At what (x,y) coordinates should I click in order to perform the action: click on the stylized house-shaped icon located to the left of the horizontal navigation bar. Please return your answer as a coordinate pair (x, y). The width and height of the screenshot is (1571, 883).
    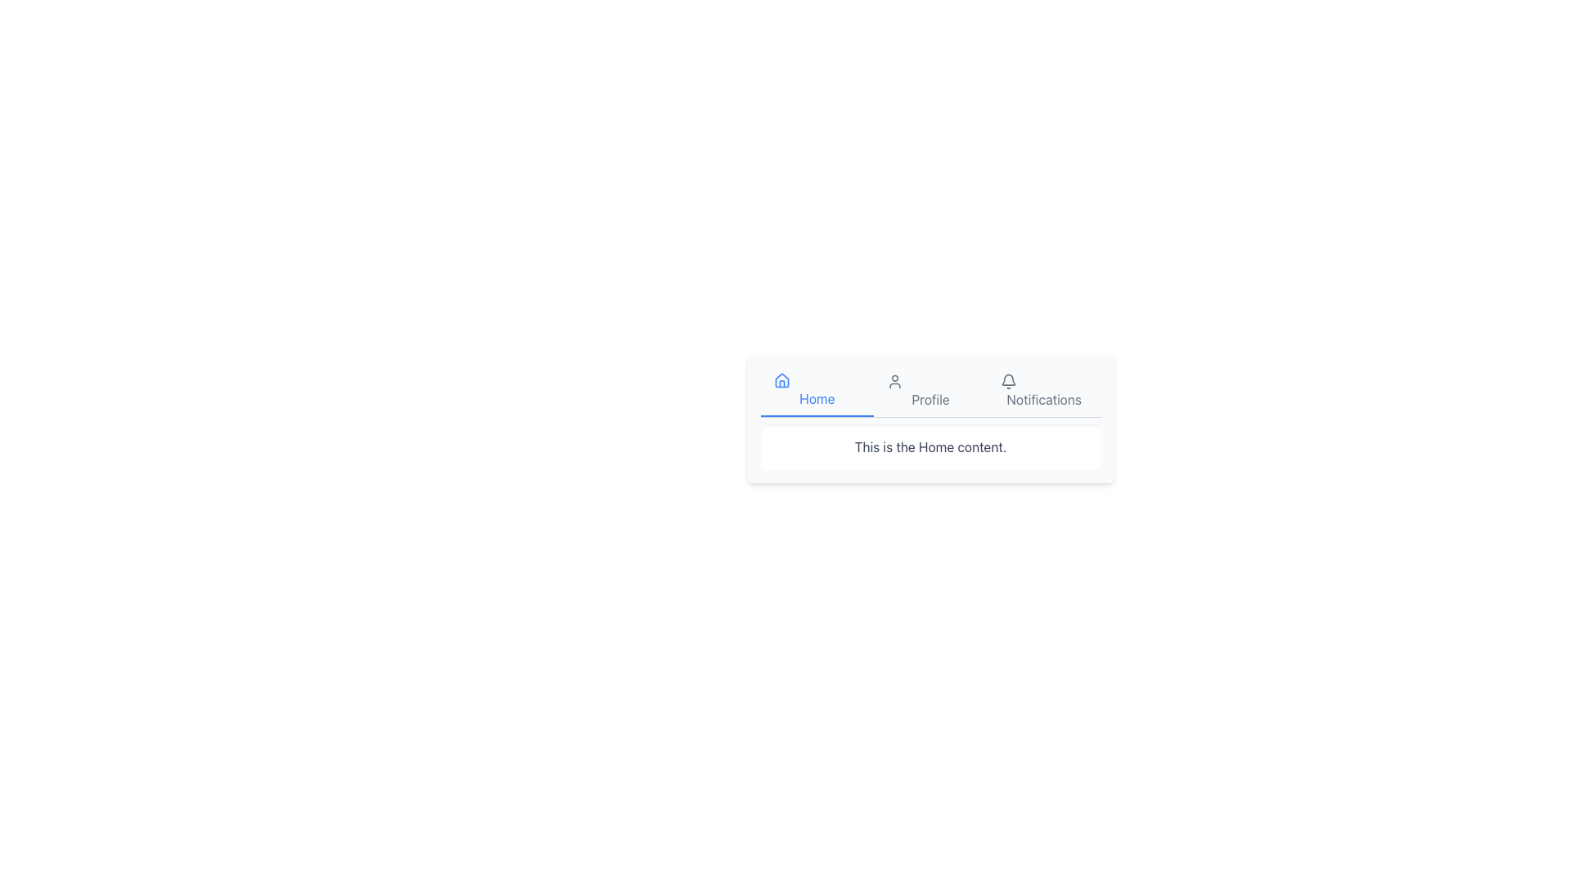
    Looking at the image, I should click on (781, 380).